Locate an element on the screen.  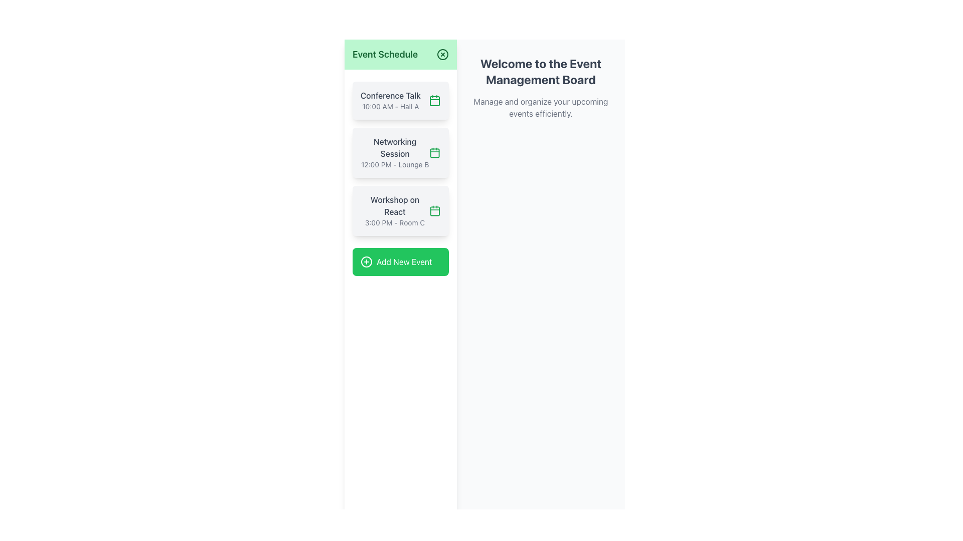
the 'Add New Event' icon located within the green button, which visually represents the action to create or add a new event is located at coordinates (366, 261).